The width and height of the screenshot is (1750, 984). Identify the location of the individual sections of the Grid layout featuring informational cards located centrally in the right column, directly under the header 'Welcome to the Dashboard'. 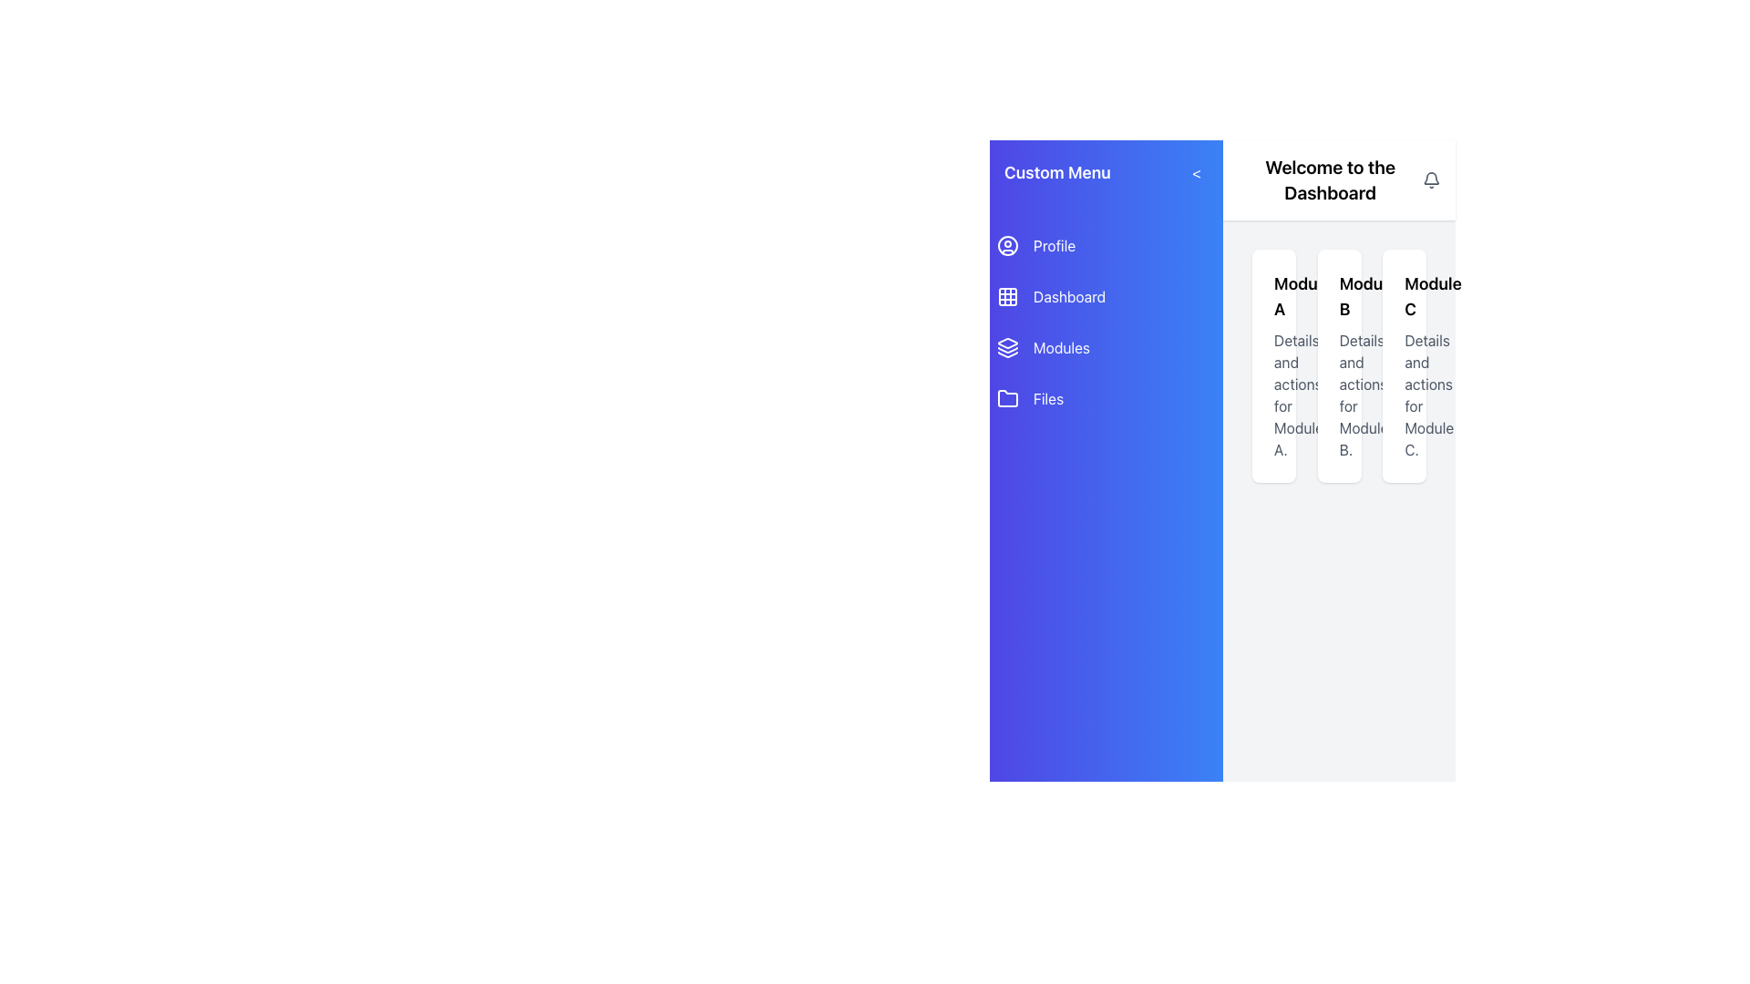
(1339, 365).